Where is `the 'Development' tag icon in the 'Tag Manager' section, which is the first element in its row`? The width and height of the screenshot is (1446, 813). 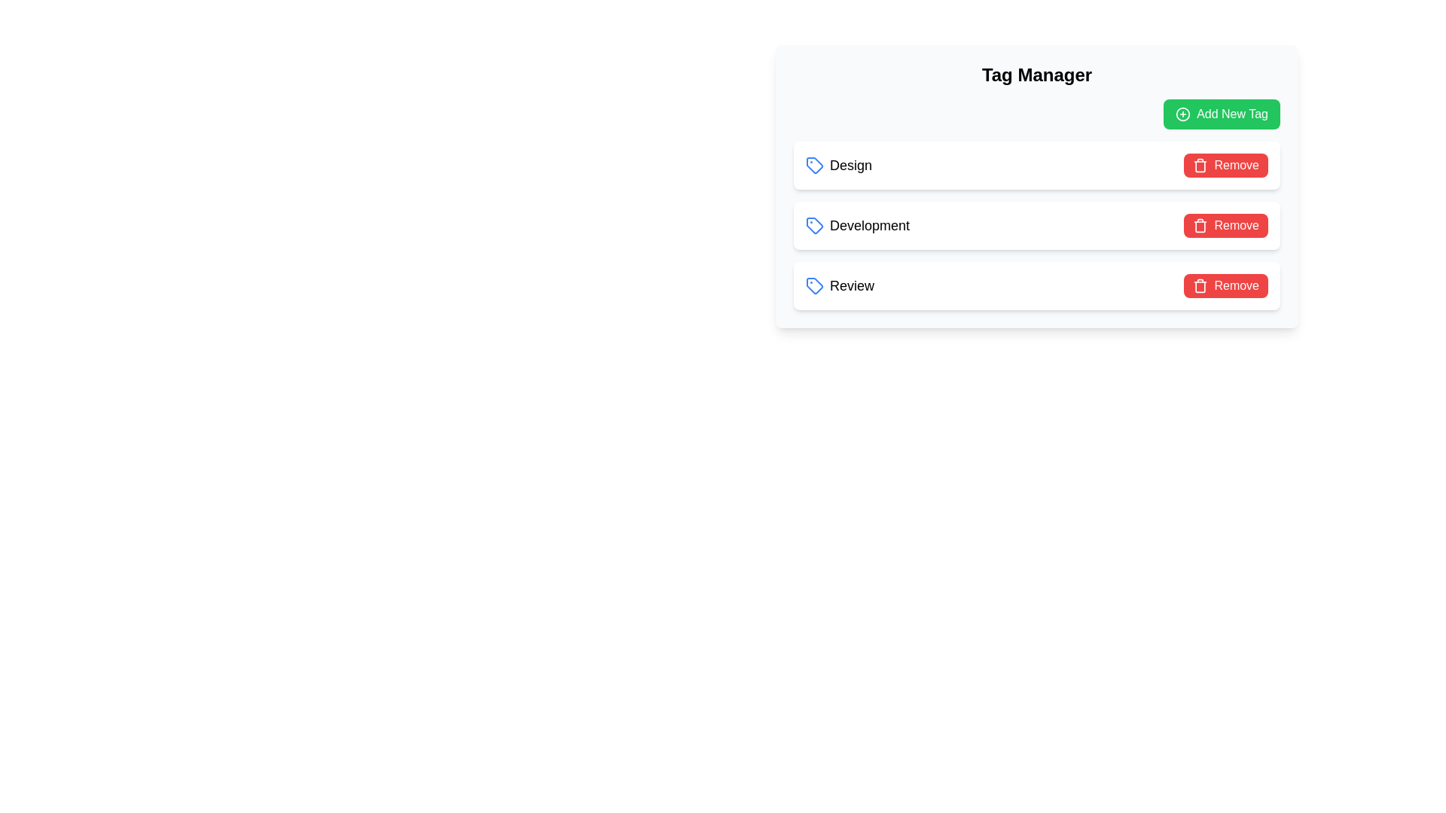
the 'Development' tag icon in the 'Tag Manager' section, which is the first element in its row is located at coordinates (813, 226).